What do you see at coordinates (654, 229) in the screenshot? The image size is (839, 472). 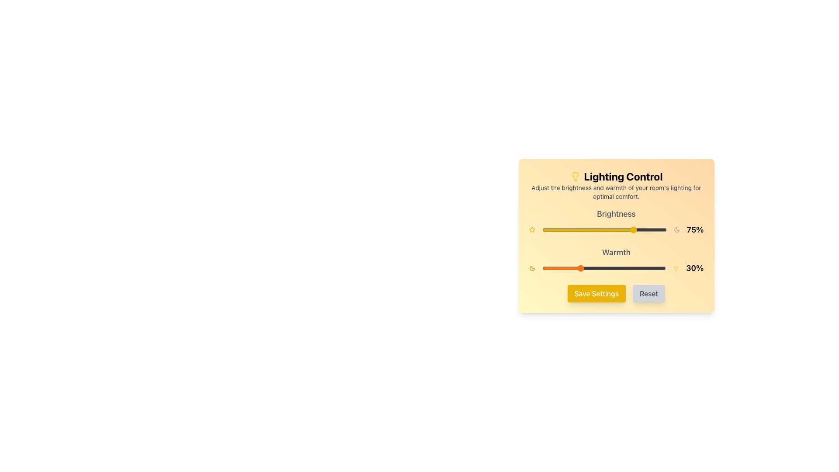 I see `the brightness` at bounding box center [654, 229].